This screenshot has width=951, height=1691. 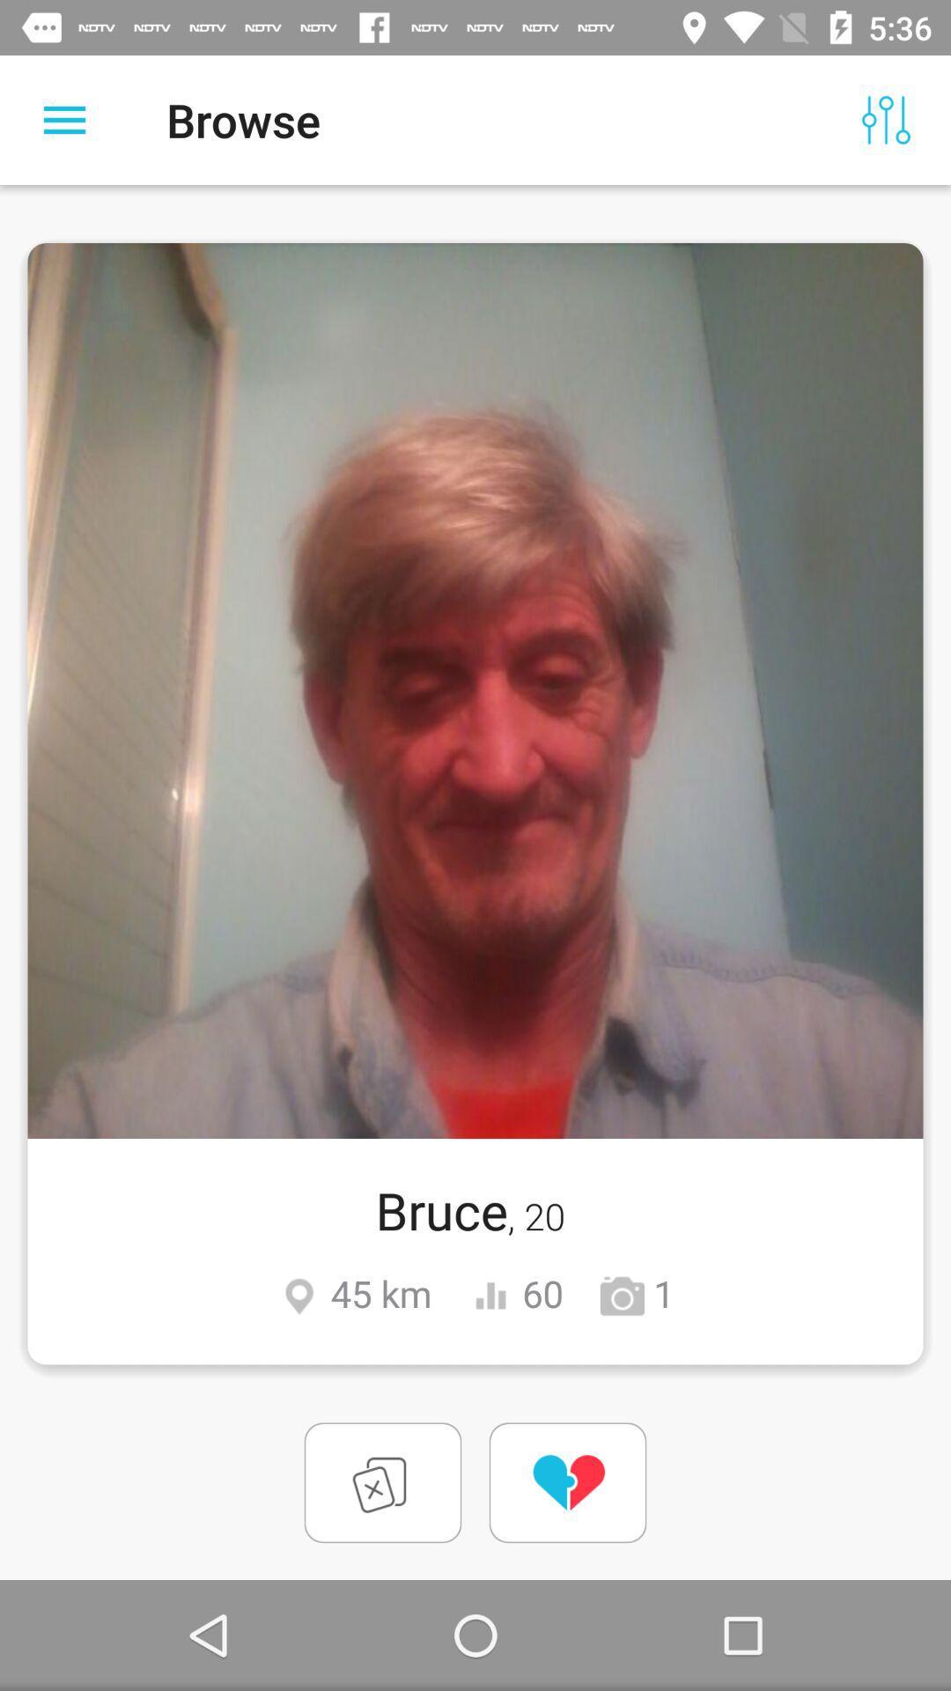 What do you see at coordinates (886, 119) in the screenshot?
I see `icon next to the browse` at bounding box center [886, 119].